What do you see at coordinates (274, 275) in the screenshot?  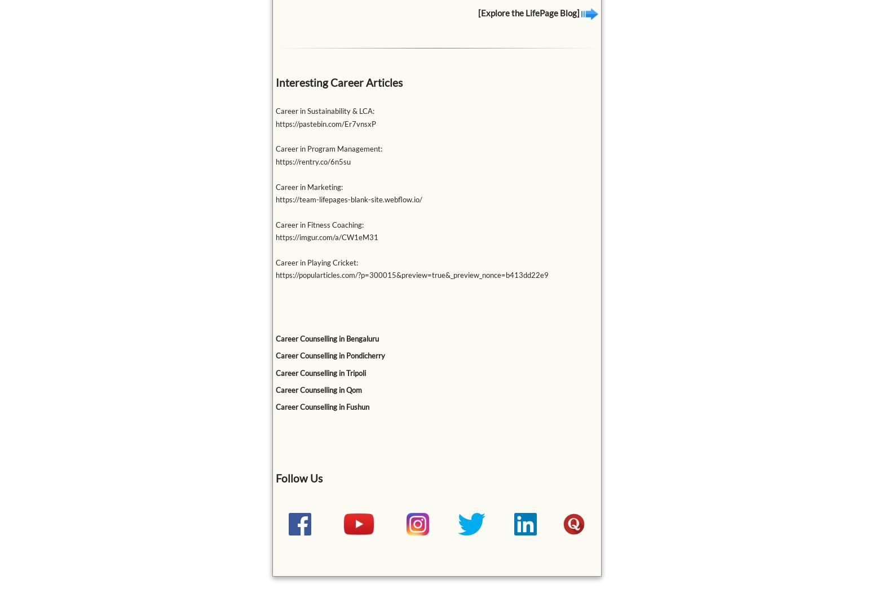 I see `'https://popularticles.com/?p=300015&preview=true&_preview_nonce=b413dd22e9'` at bounding box center [274, 275].